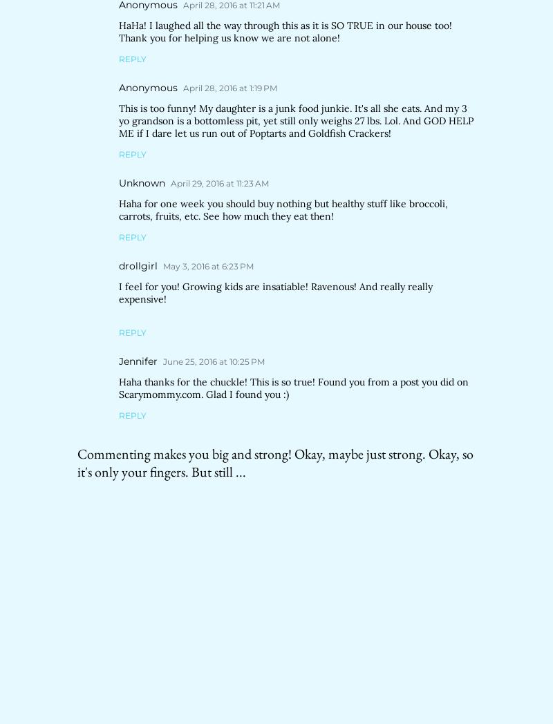 This screenshot has width=553, height=724. I want to click on 'Haha thanks for the chuckle! This is so true! Found you from a post you did on Scarymommy.com. Glad I found you :)', so click(293, 388).